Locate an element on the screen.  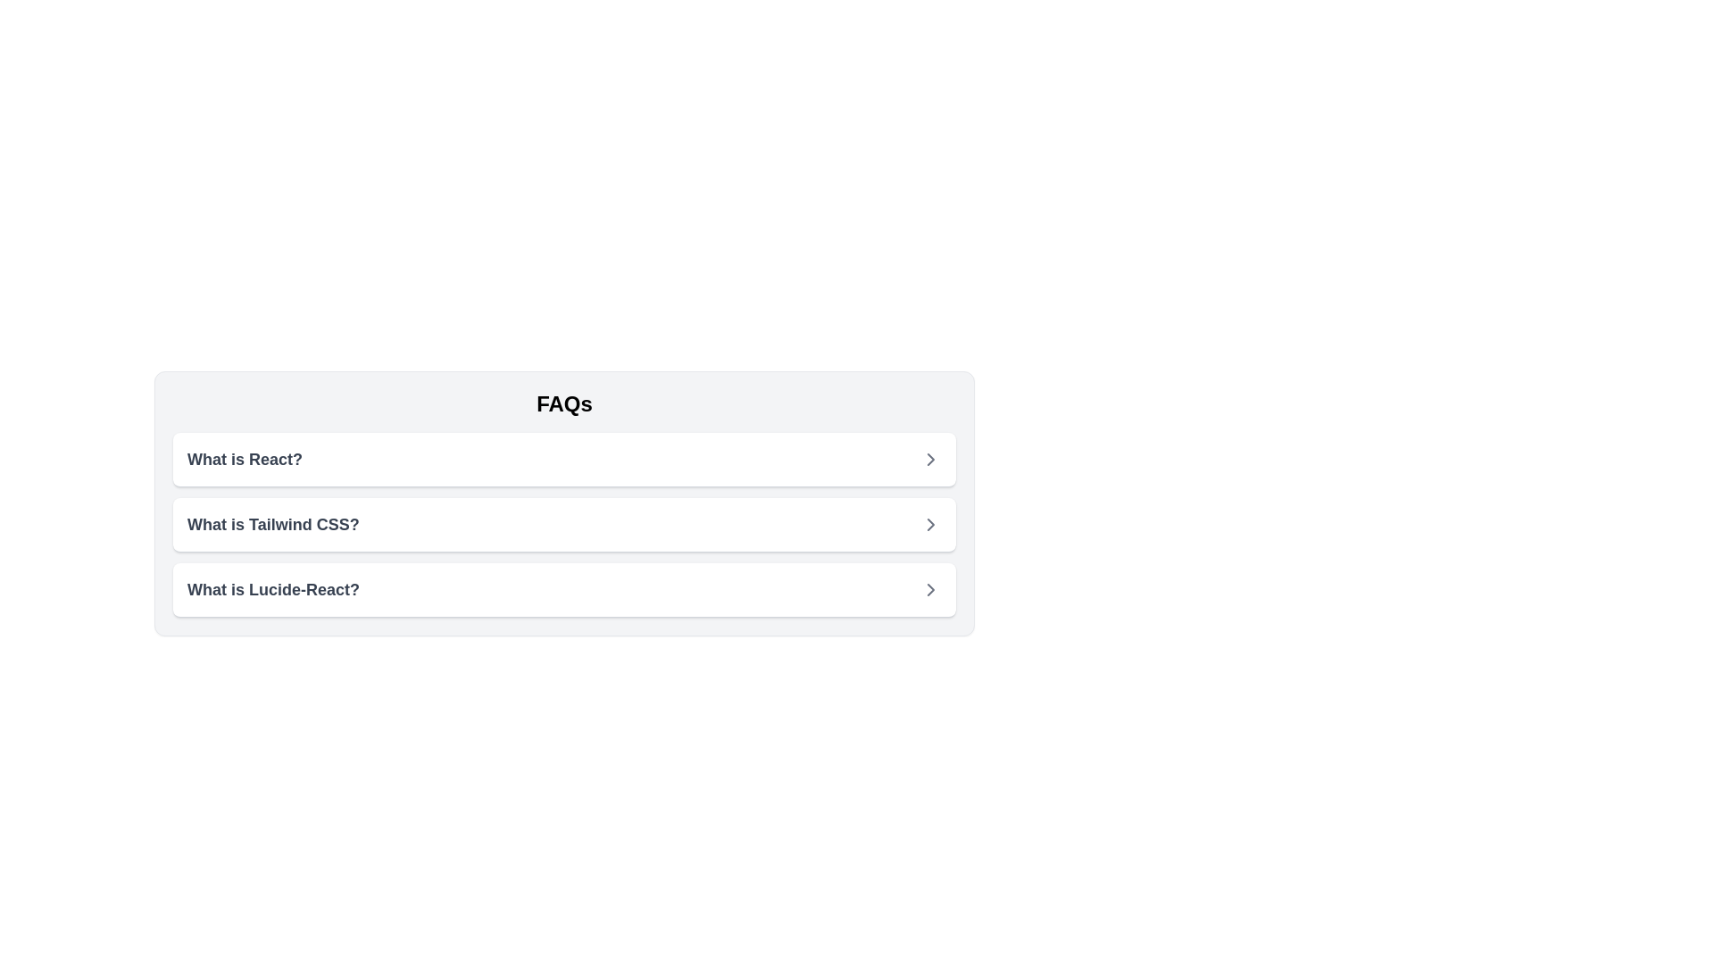
the right-facing chevron icon in gray located next to the list item labeled 'What is React?' is located at coordinates (929, 459).